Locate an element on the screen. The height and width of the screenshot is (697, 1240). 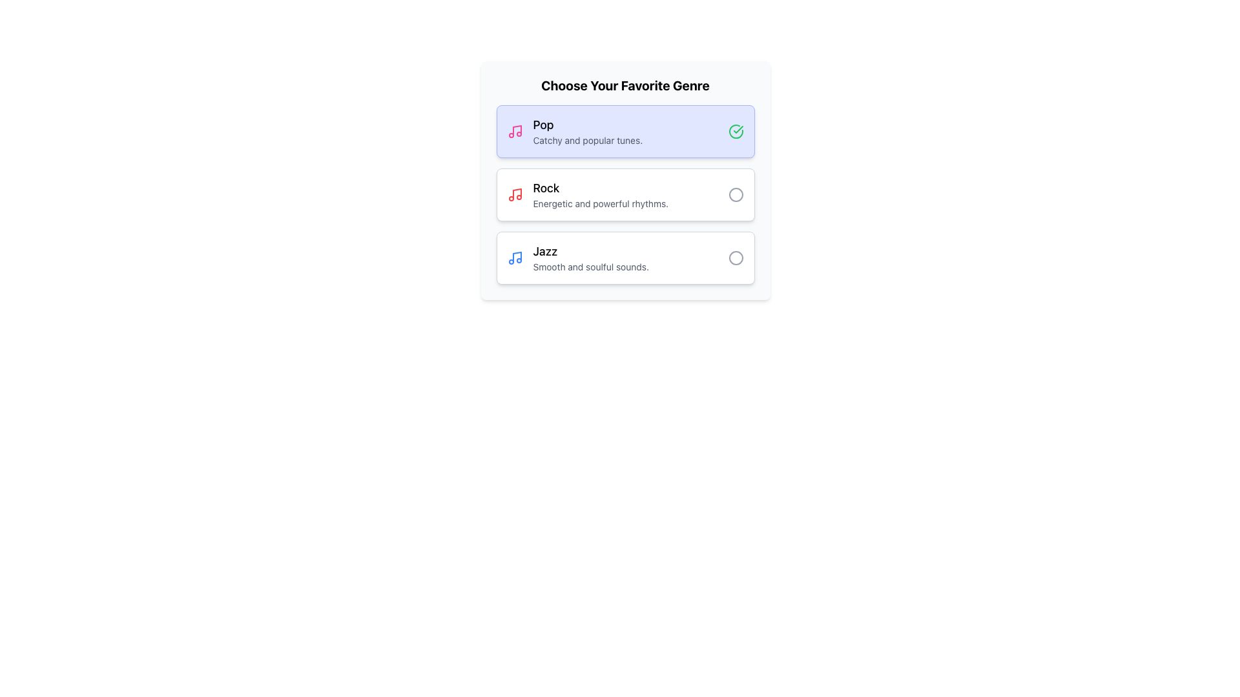
the non-interactive red musical note icon located at the left of the 'Rock' text is located at coordinates (514, 194).